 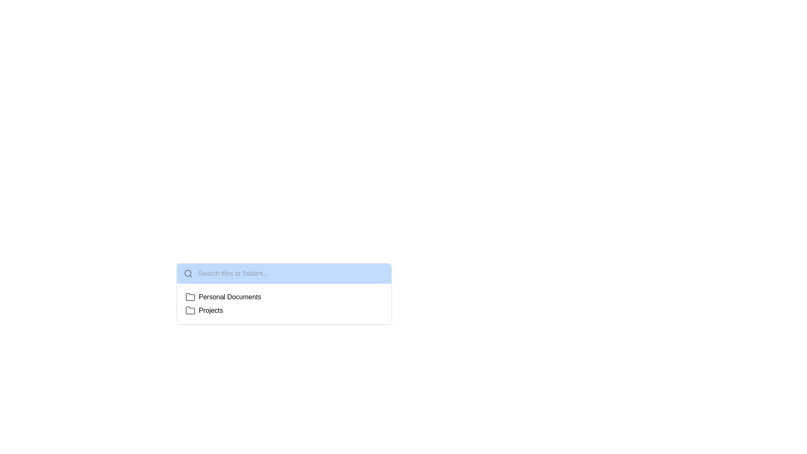 I want to click on the folder icon with a gray outline and rounded corners, located to the left of the 'Personal Documents' label, so click(x=190, y=296).